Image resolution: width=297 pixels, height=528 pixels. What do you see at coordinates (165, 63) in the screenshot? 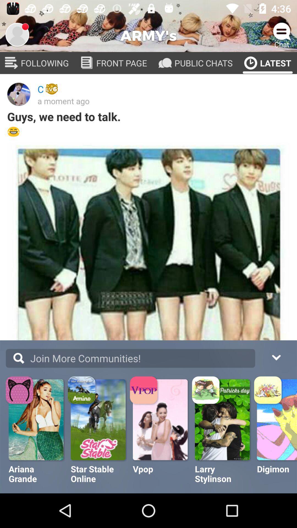
I see `the public chats icon` at bounding box center [165, 63].